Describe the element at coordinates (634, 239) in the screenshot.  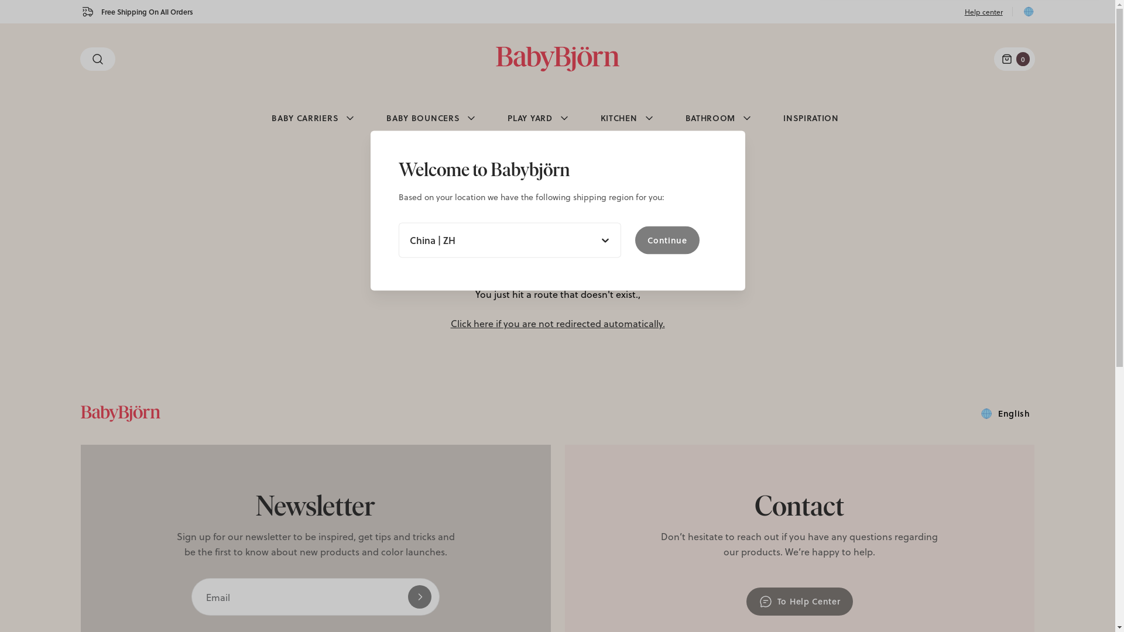
I see `'Continue'` at that location.